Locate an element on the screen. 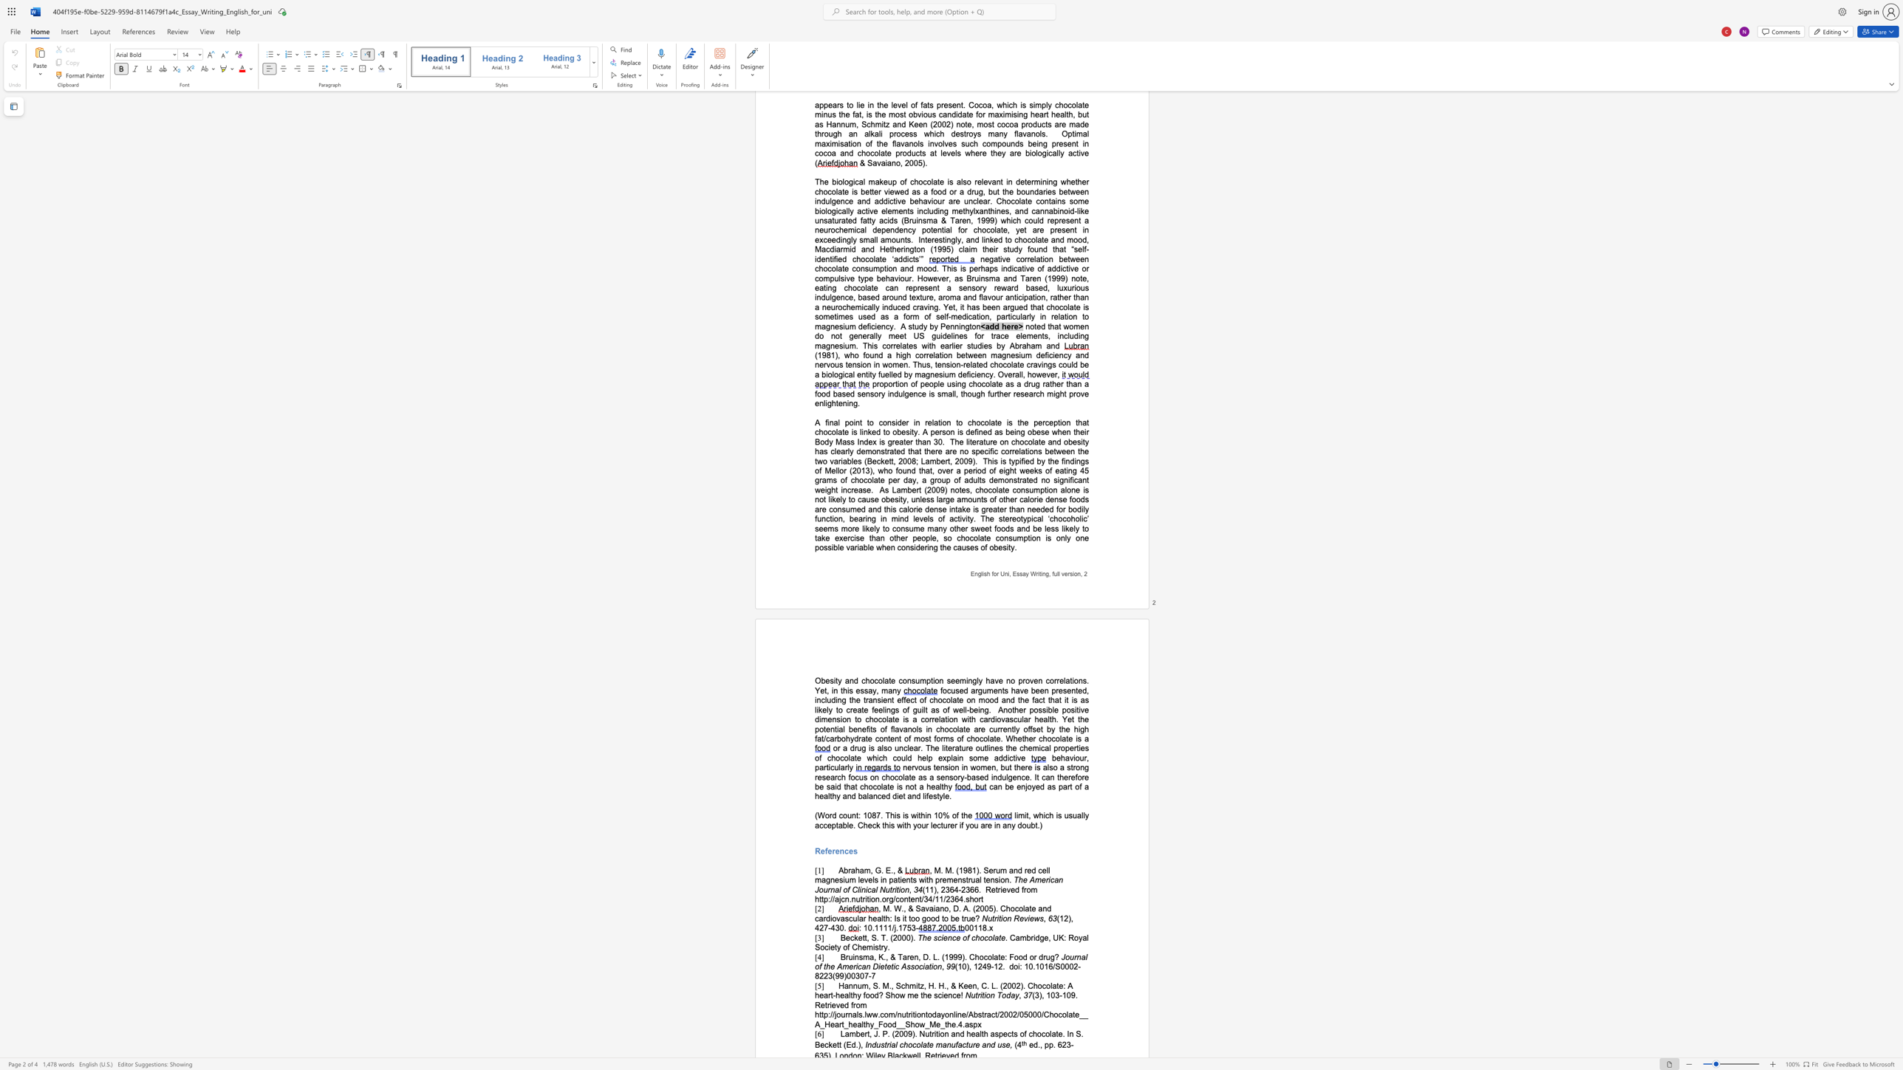 This screenshot has height=1070, width=1903. the subset text "its of flavanols in" within the text "Another possible positive dimension to chocolate is a correlation with cardiovascular health. Yet the potential benefits of flavanols in chocolate are currently offset by the high fat/carbohydrate content of most forms of chocolate." is located at coordinates (868, 729).